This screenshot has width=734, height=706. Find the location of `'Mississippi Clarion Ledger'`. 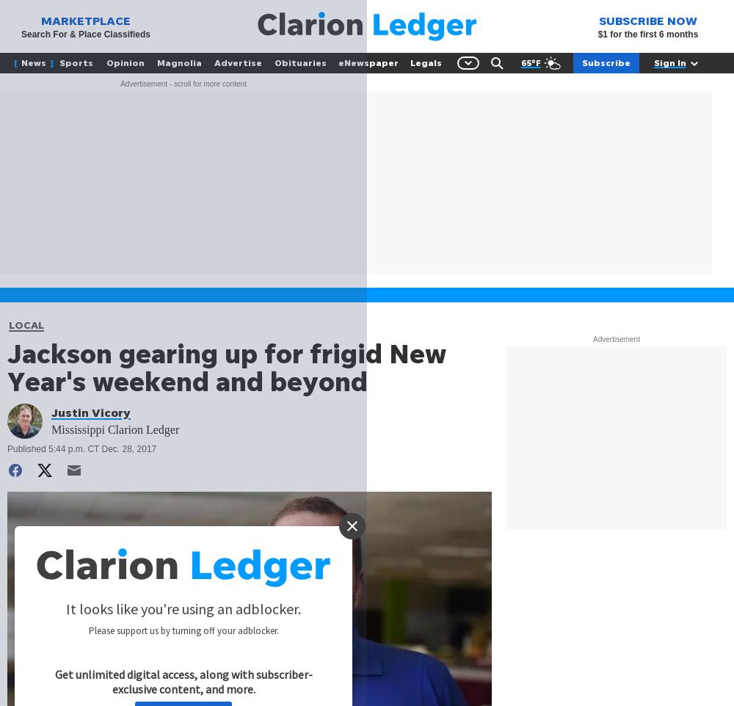

'Mississippi Clarion Ledger' is located at coordinates (115, 429).